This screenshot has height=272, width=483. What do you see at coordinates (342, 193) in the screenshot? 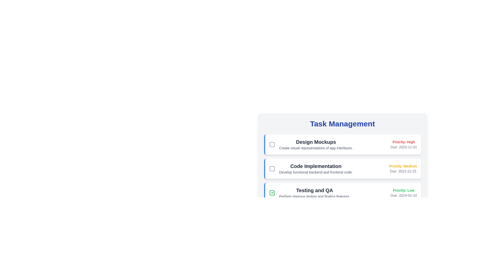
I see `the third task card in the task management interface, which displays details about the task's title, description, priority, and due date` at bounding box center [342, 193].